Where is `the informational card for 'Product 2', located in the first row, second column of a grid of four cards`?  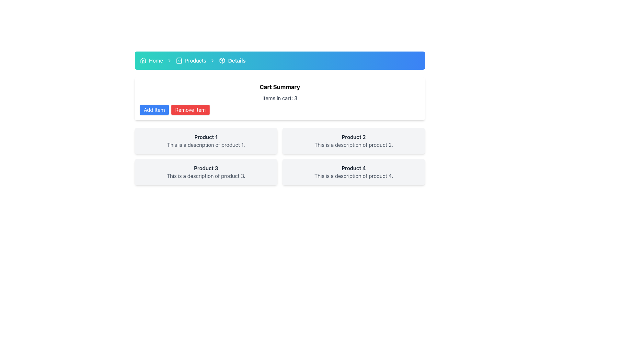 the informational card for 'Product 2', located in the first row, second column of a grid of four cards is located at coordinates (353, 141).